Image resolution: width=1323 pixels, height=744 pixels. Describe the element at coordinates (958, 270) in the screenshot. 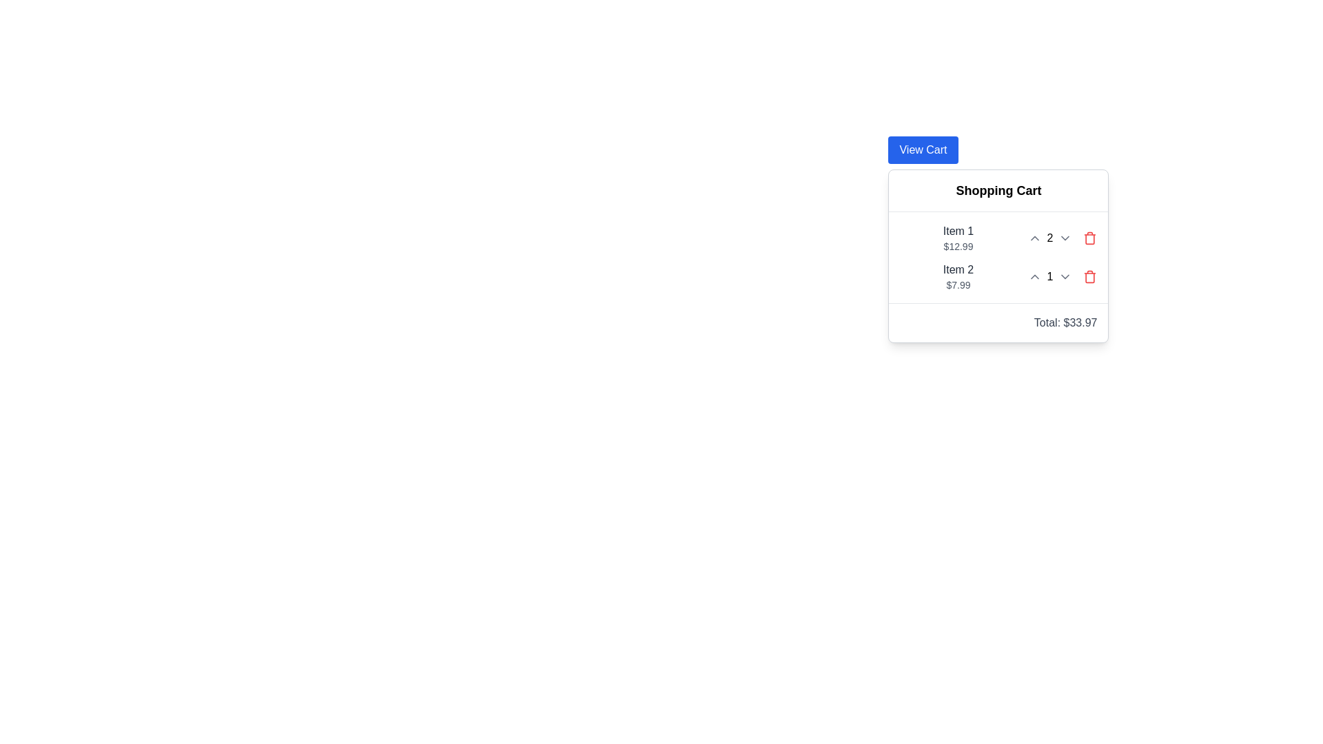

I see `the text label identifying the second item in the shopping cart, which is positioned above the price display ('$7.99') and below 'Item 1'` at that location.